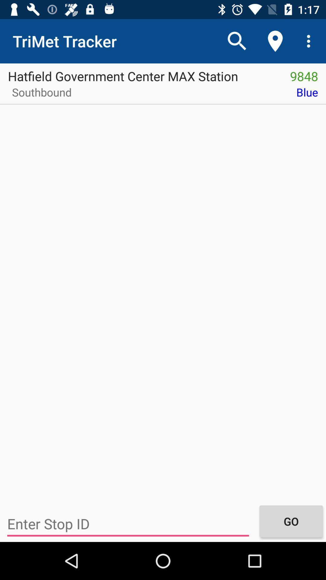 The height and width of the screenshot is (580, 326). Describe the element at coordinates (128, 524) in the screenshot. I see `item below the southbound` at that location.